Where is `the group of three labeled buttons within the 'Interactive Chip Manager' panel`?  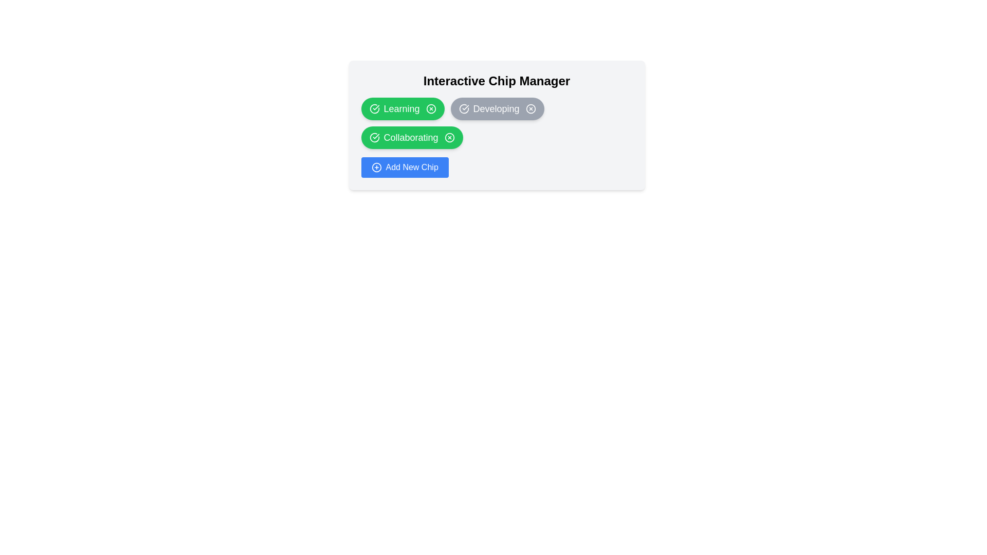 the group of three labeled buttons within the 'Interactive Chip Manager' panel is located at coordinates (497, 122).